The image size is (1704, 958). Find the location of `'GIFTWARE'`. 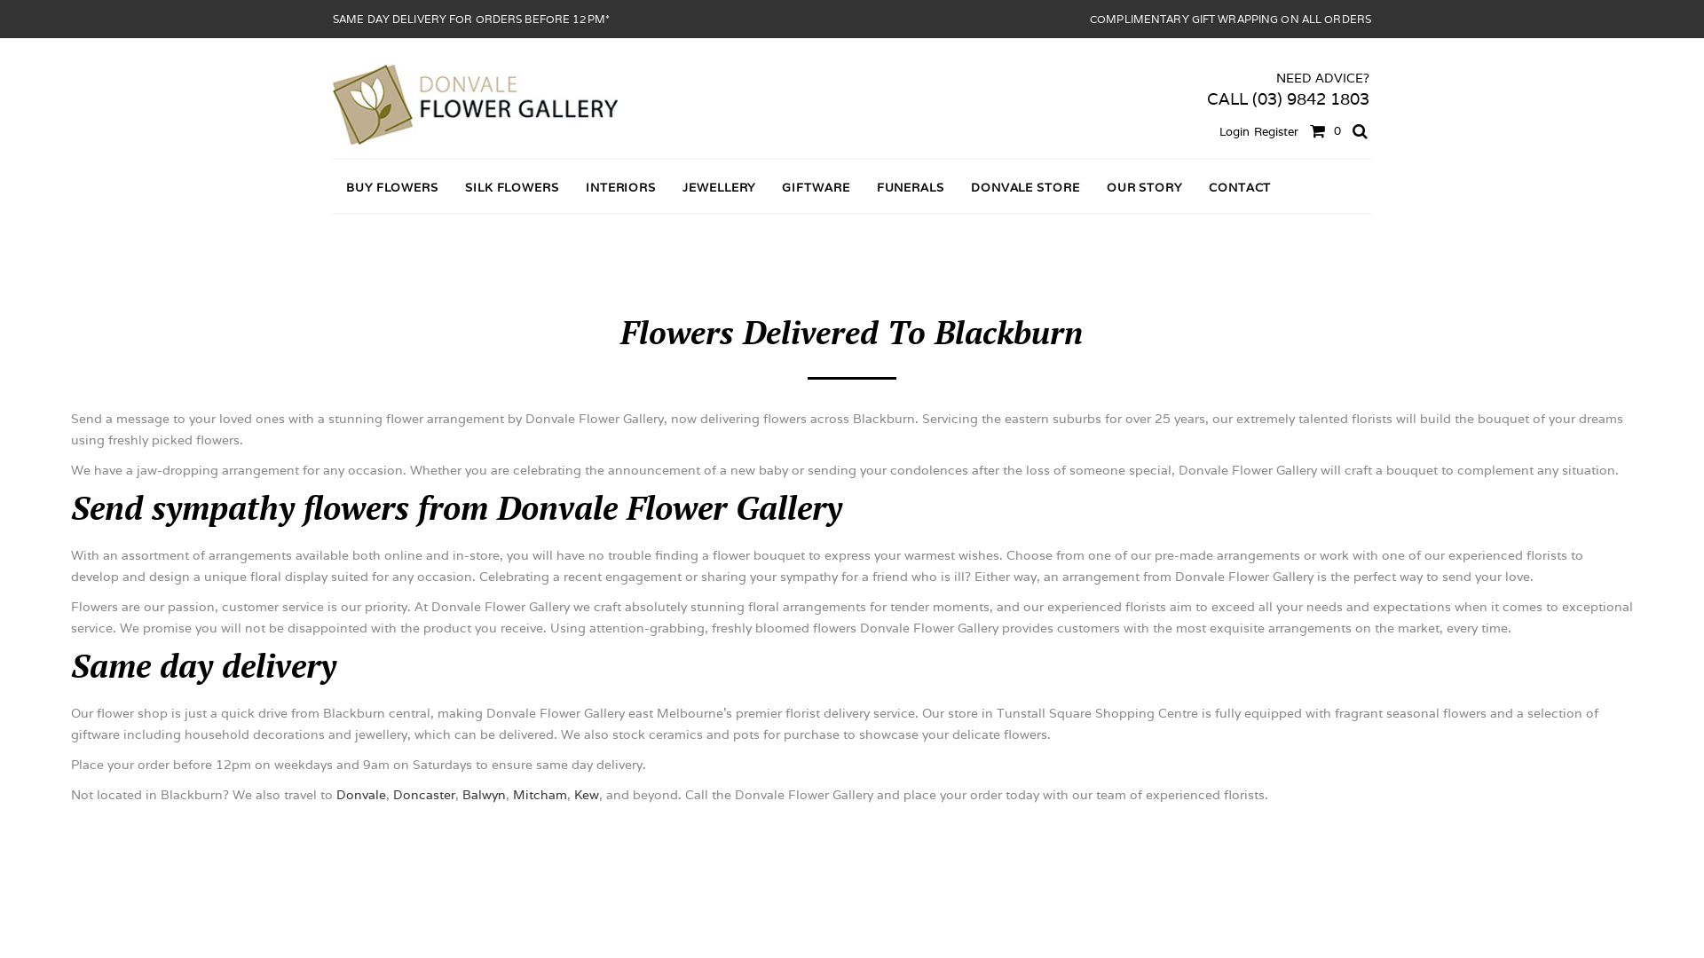

'GIFTWARE' is located at coordinates (814, 187).